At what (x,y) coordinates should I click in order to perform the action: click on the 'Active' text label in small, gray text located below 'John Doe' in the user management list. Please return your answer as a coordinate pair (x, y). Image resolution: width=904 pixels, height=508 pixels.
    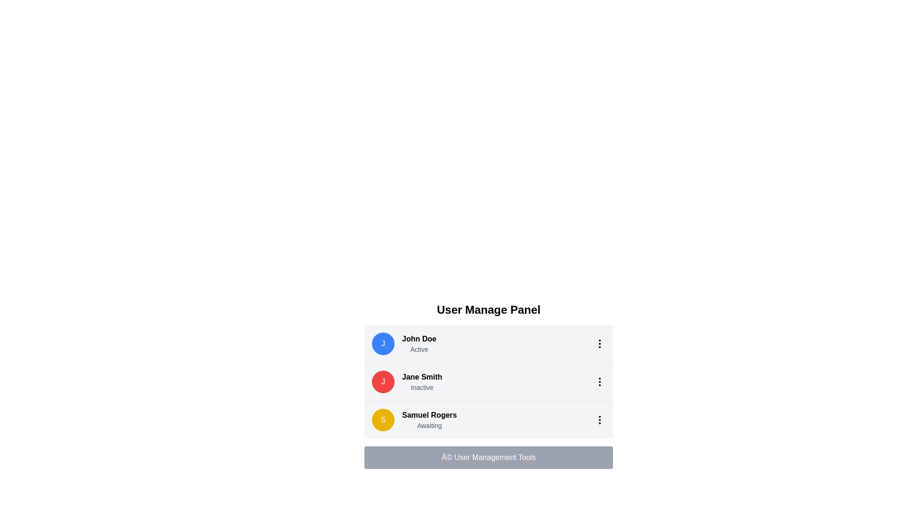
    Looking at the image, I should click on (419, 349).